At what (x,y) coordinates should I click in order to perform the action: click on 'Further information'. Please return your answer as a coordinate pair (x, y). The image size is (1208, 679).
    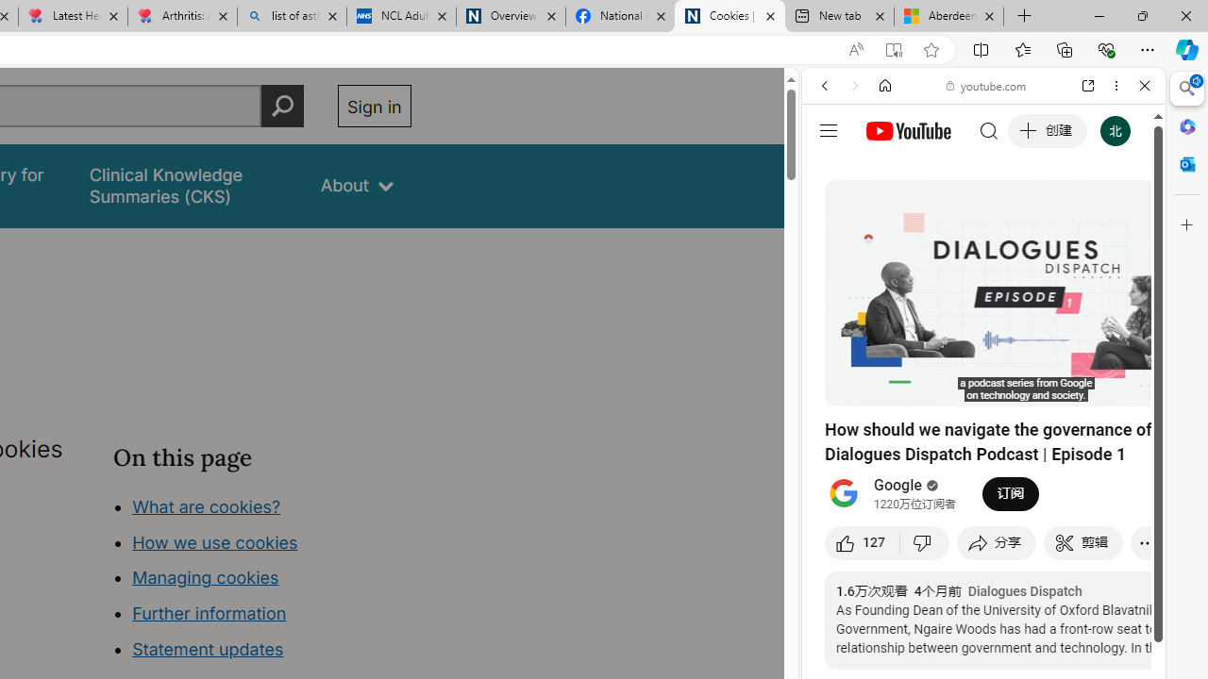
    Looking at the image, I should click on (210, 613).